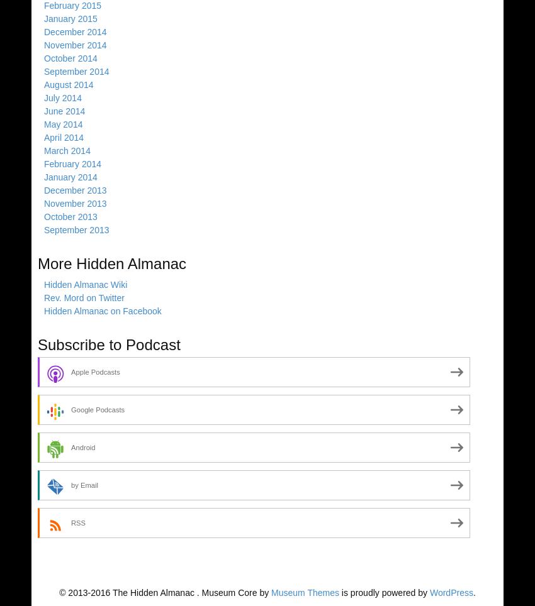  I want to click on 'July 2014', so click(62, 97).